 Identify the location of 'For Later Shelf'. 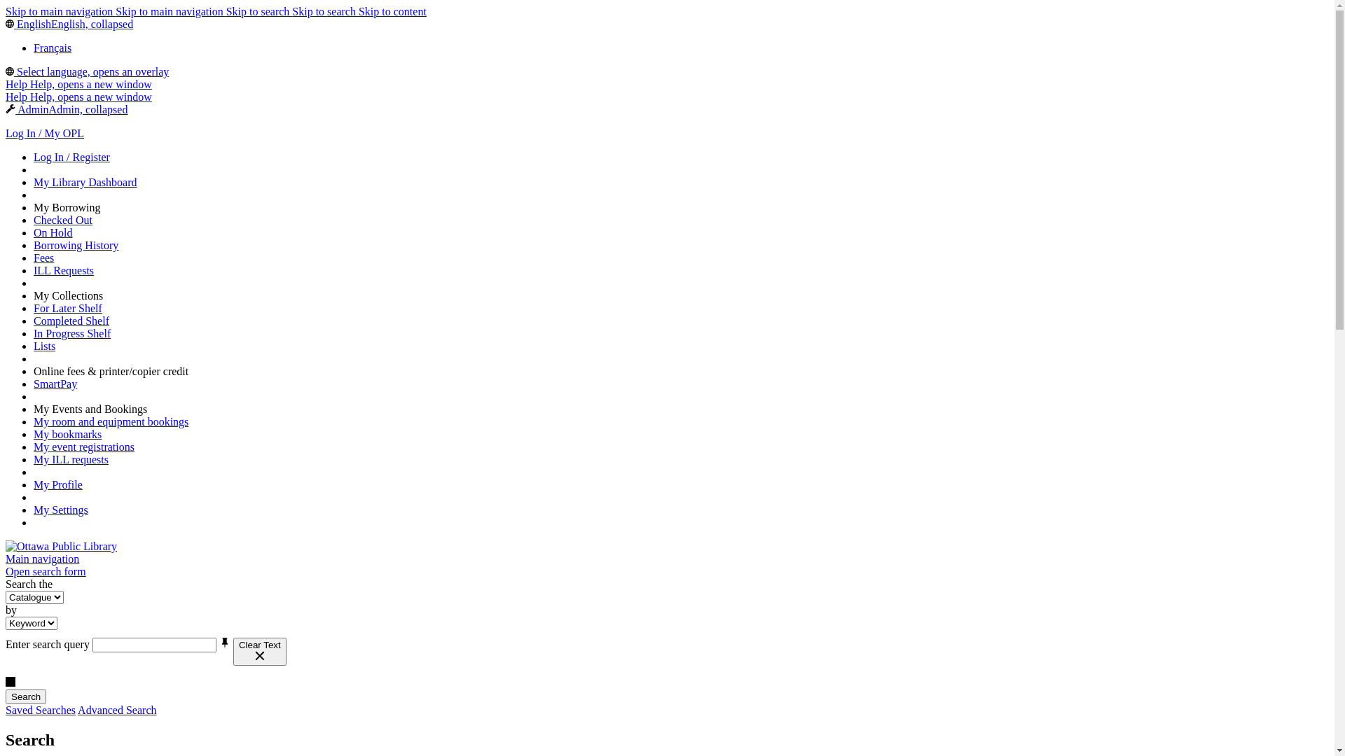
(67, 307).